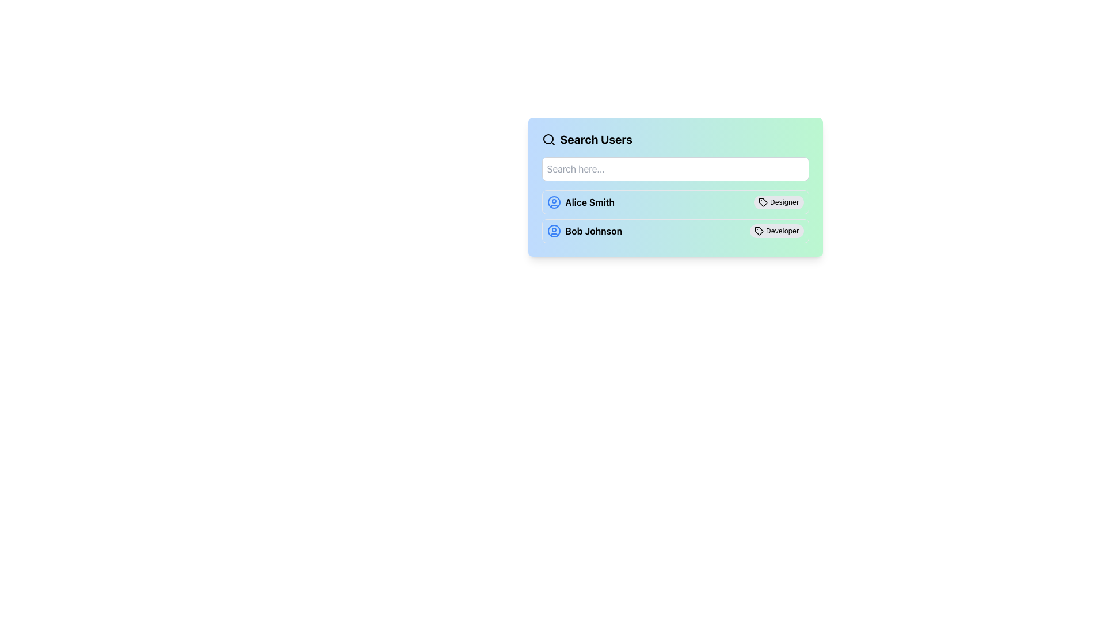  Describe the element at coordinates (554, 201) in the screenshot. I see `the blue circular user silhouette icon located to the left of 'Alice Smith' in the user list` at that location.